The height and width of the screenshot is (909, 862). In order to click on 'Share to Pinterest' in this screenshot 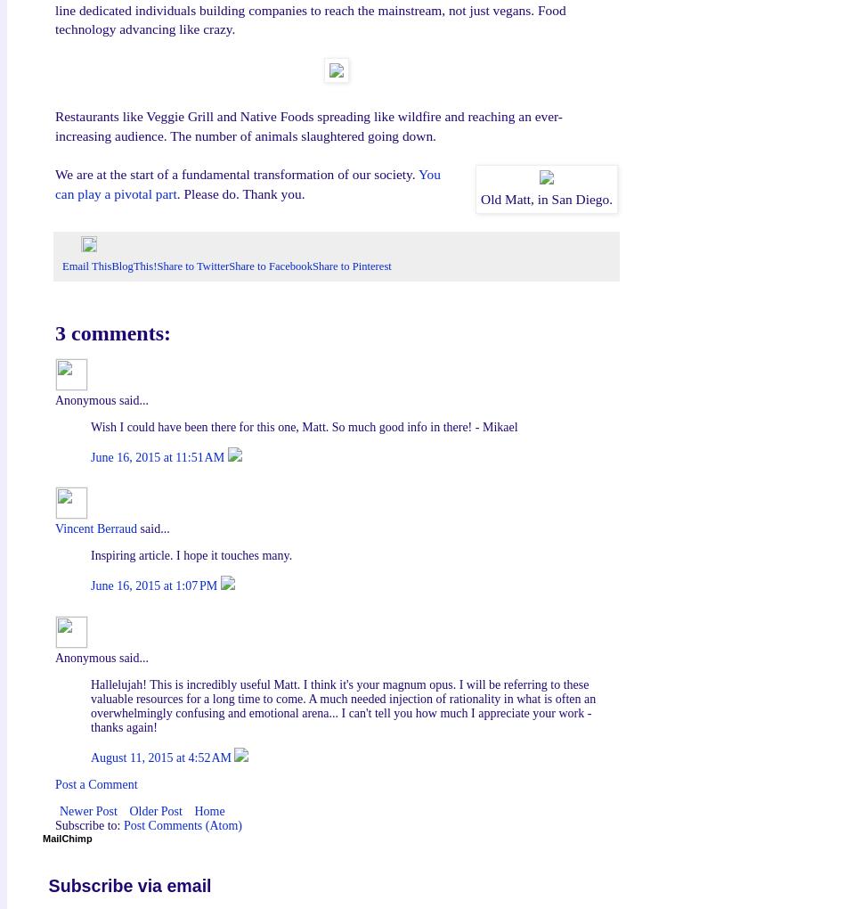, I will do `click(350, 266)`.